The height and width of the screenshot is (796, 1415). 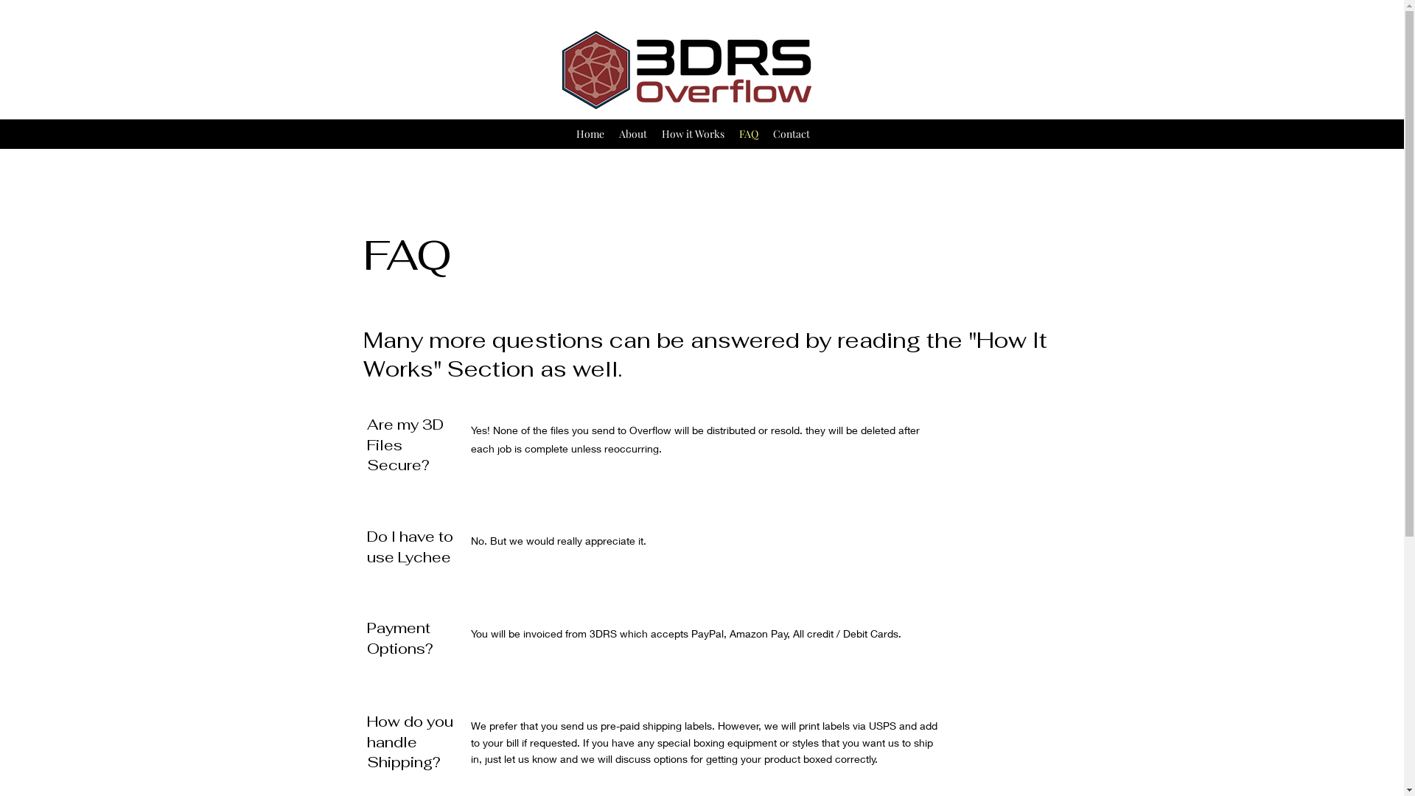 I want to click on 'FAQ', so click(x=747, y=133).